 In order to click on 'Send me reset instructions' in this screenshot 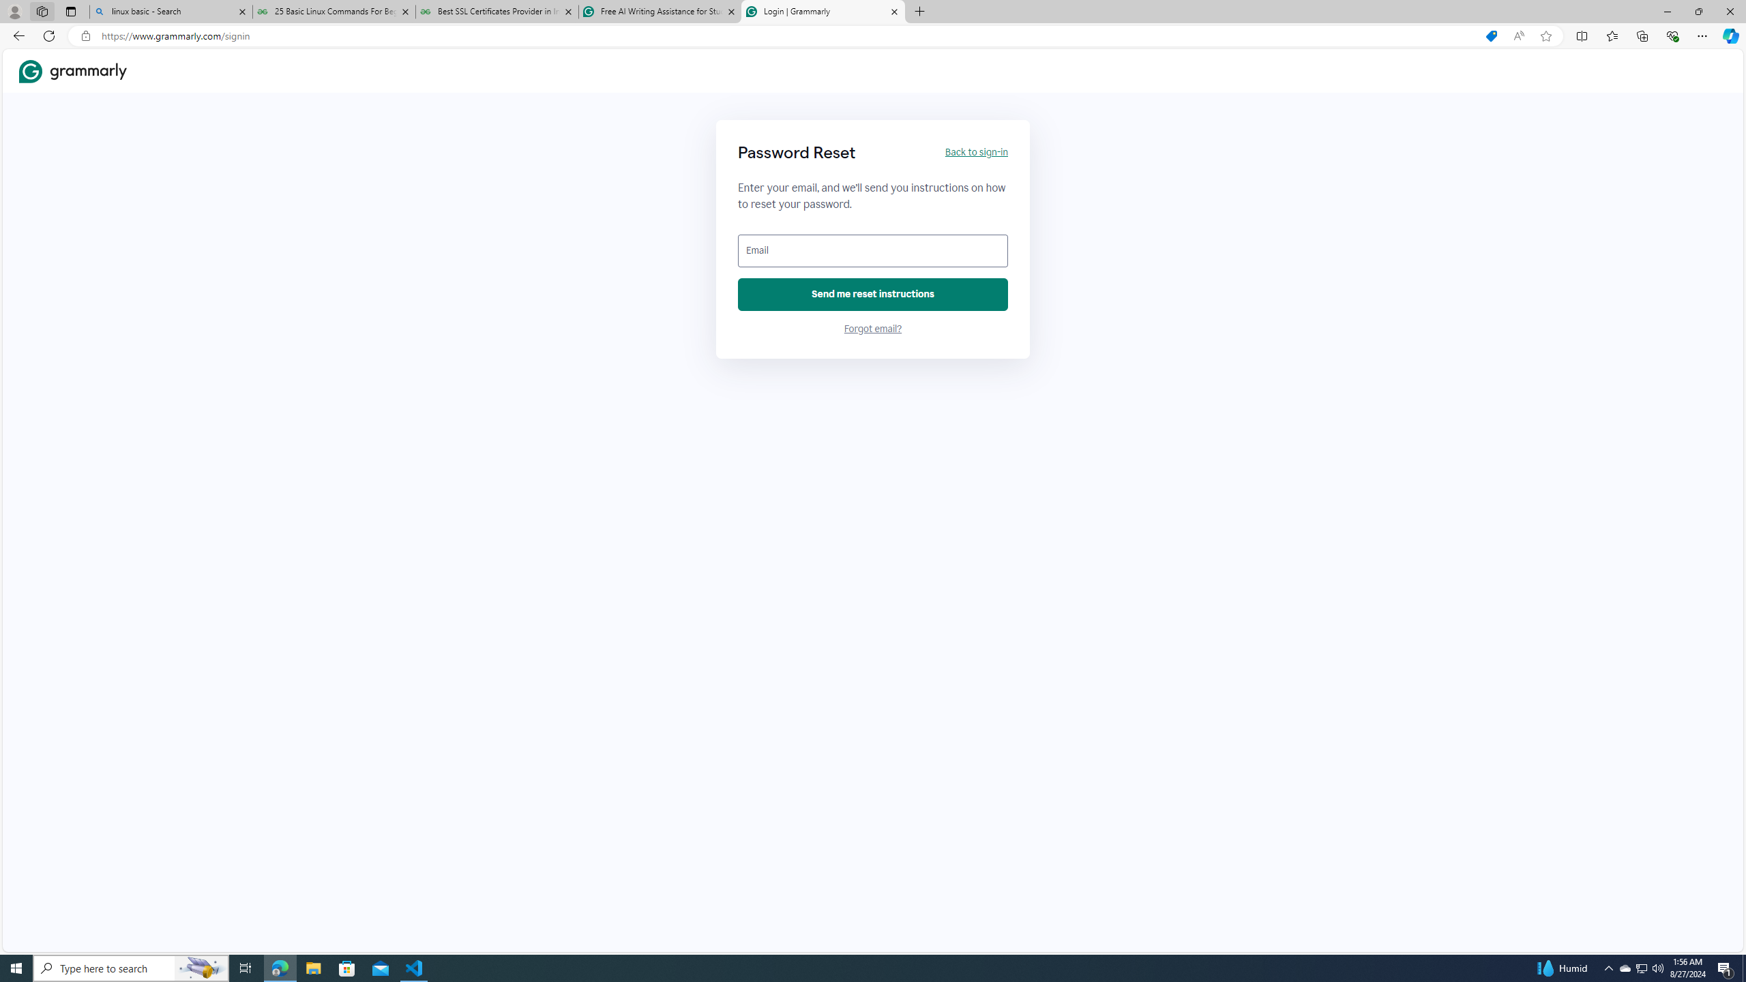, I will do `click(873, 295)`.